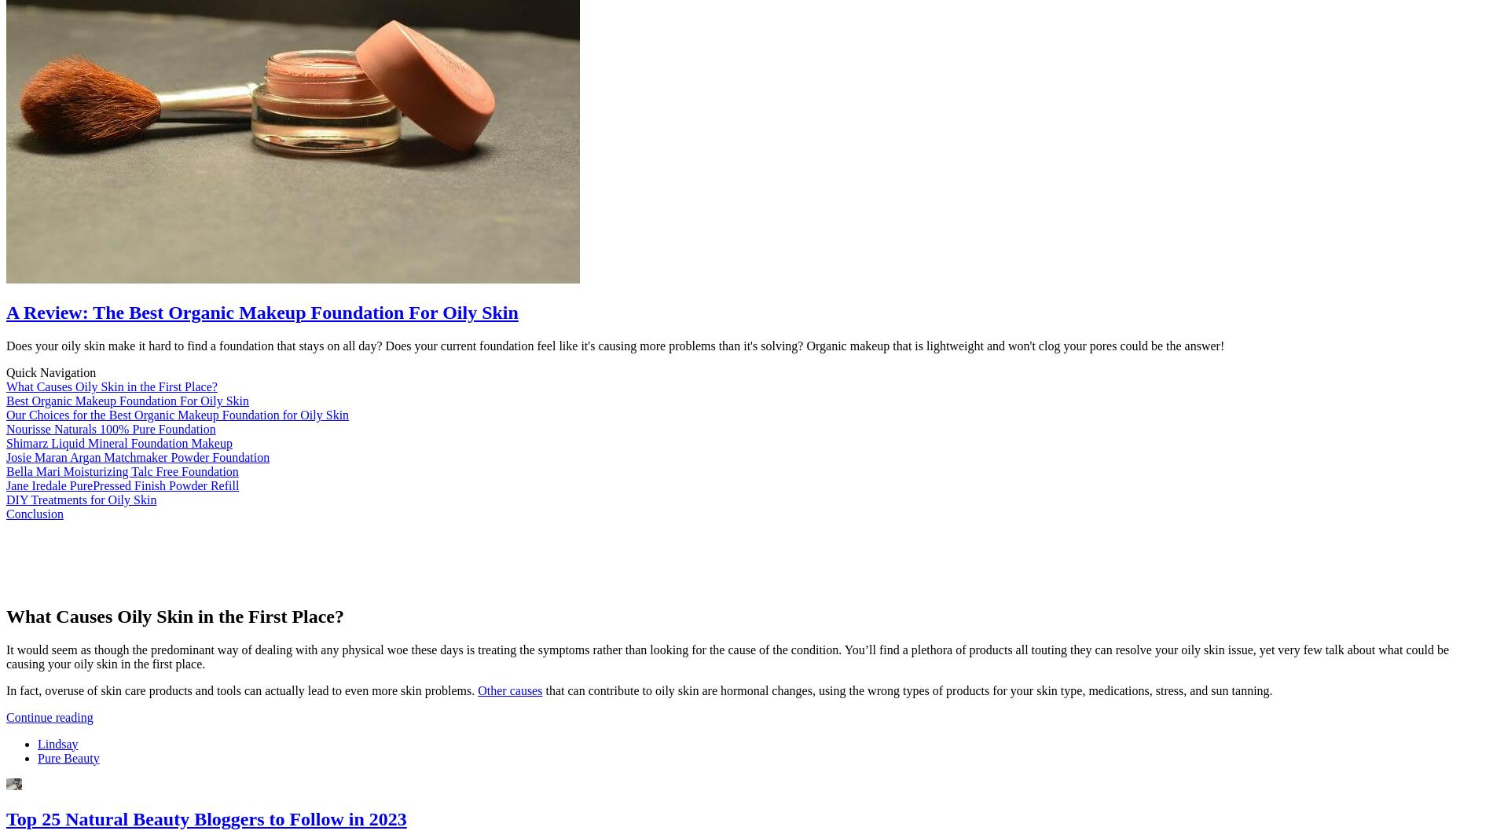 The height and width of the screenshot is (838, 1493). What do you see at coordinates (907, 689) in the screenshot?
I see `'that can contribute to oily skin are hormonal changes, using the wrong types of products for your skin type, medications, stress, and sun tanning.'` at bounding box center [907, 689].